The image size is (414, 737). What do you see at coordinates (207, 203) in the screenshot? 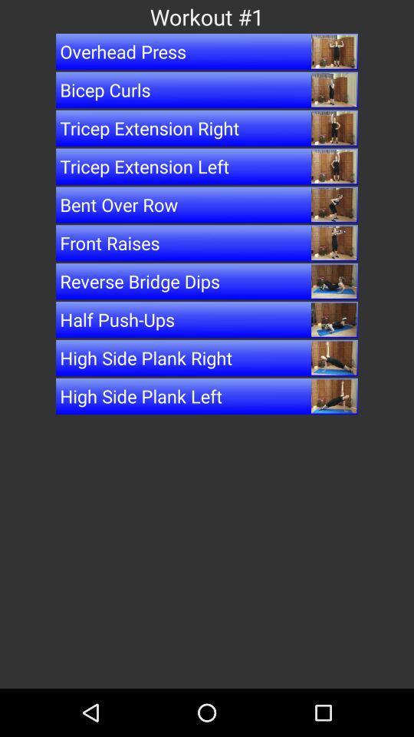
I see `item above the front raises button` at bounding box center [207, 203].